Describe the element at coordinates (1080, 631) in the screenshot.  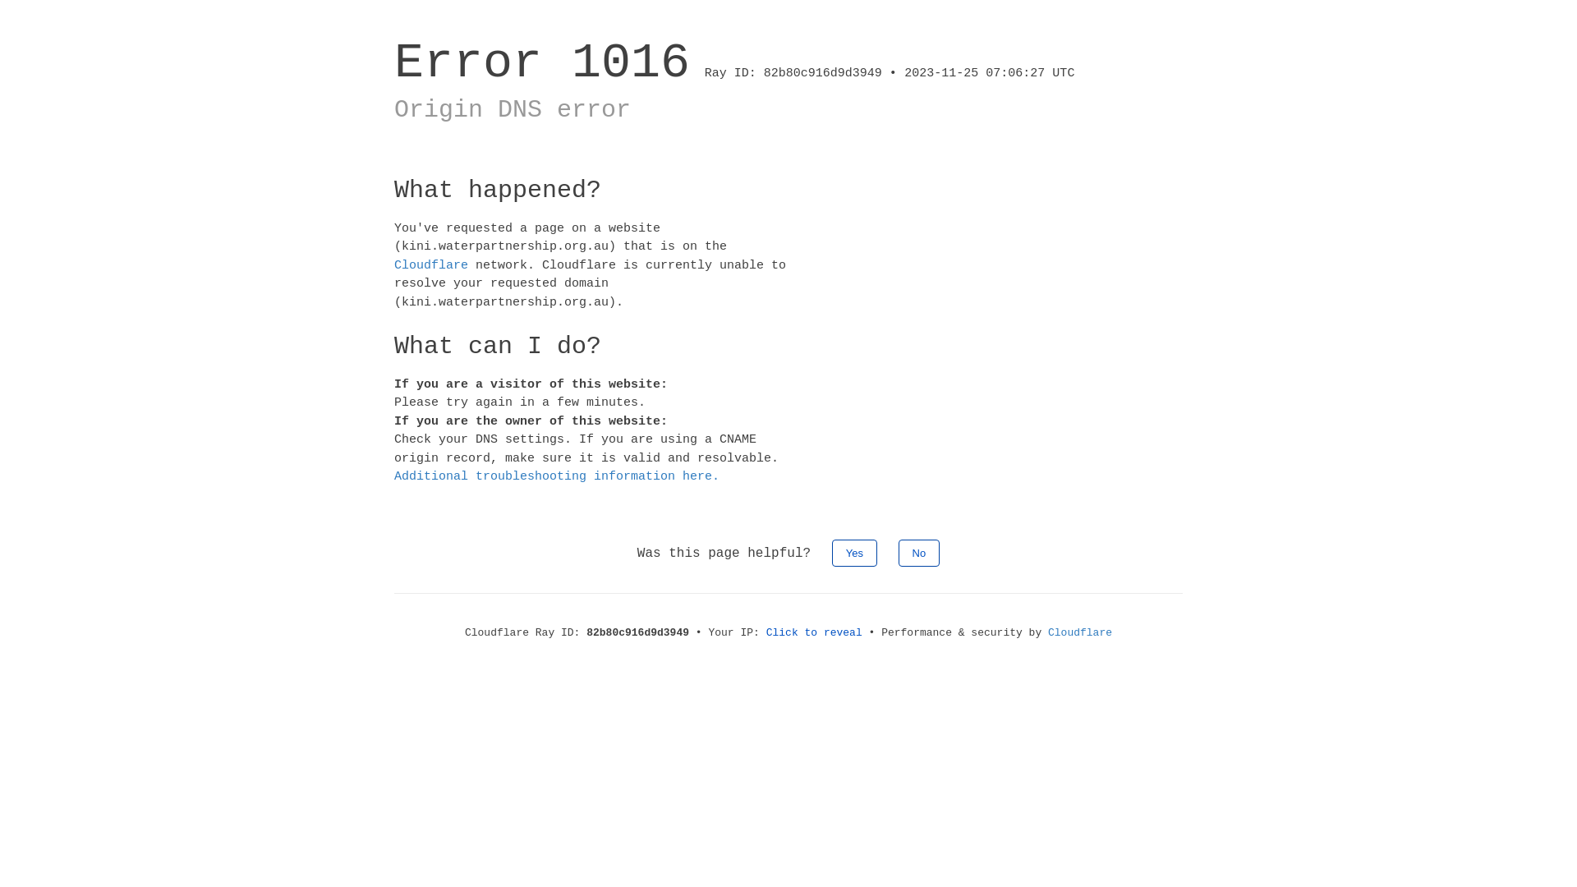
I see `'Cloudflare'` at that location.